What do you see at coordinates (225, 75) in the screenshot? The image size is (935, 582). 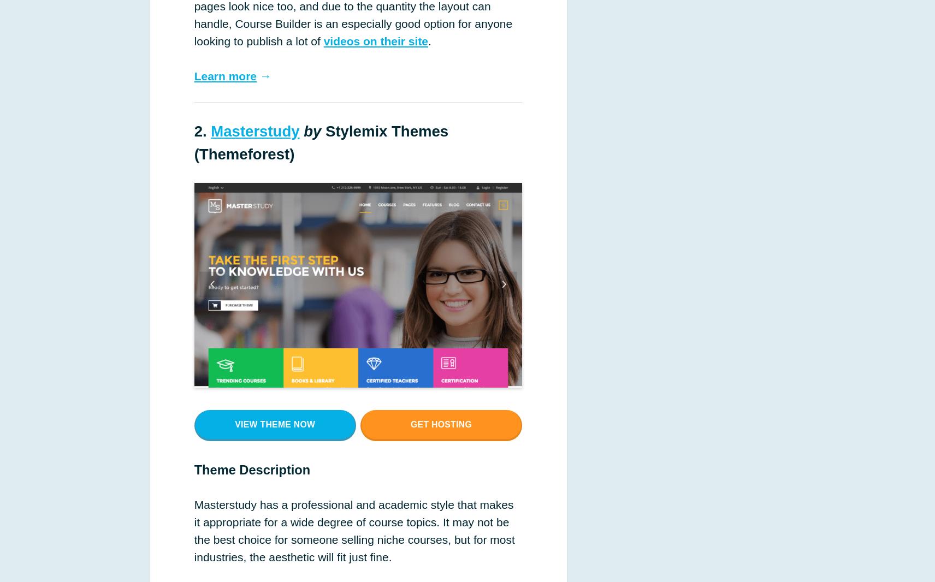 I see `'Learn more'` at bounding box center [225, 75].